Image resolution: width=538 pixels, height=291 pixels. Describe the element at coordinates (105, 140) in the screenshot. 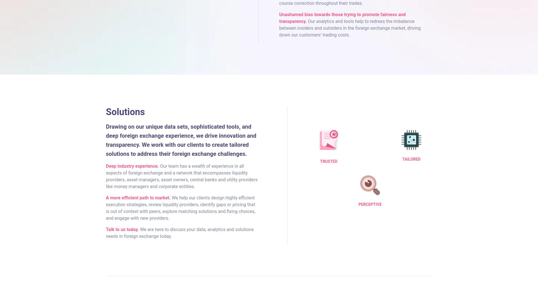

I see `'Drawing on our unique data sets, sophisticated tools, and deep foreign exchange experience, we drive innovation and transparency. We work with our clients to create tailored solutions to address their foreign exchange challenges.'` at that location.